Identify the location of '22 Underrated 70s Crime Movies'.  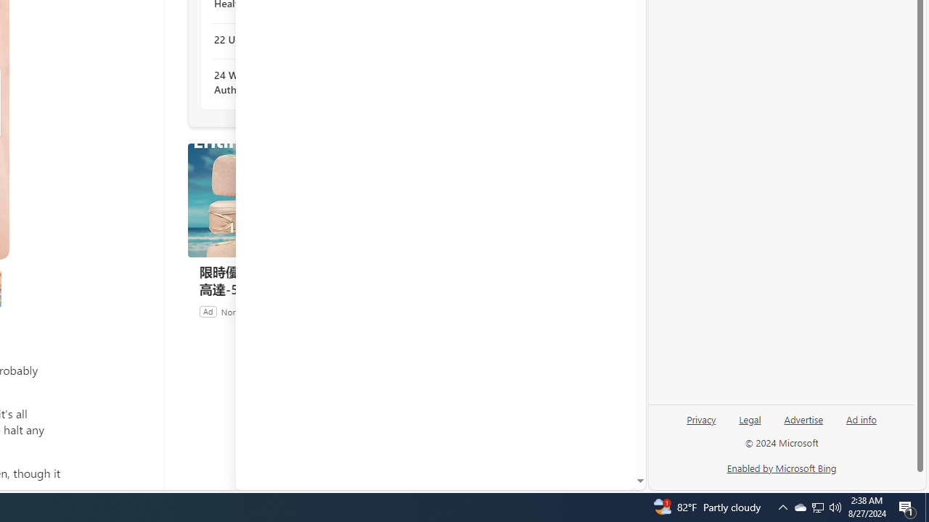
(292, 38).